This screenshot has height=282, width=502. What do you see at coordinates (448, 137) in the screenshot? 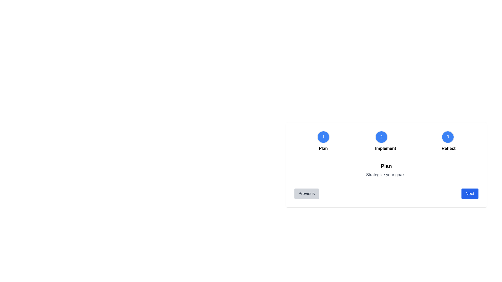
I see `the step circle corresponding to 3` at bounding box center [448, 137].